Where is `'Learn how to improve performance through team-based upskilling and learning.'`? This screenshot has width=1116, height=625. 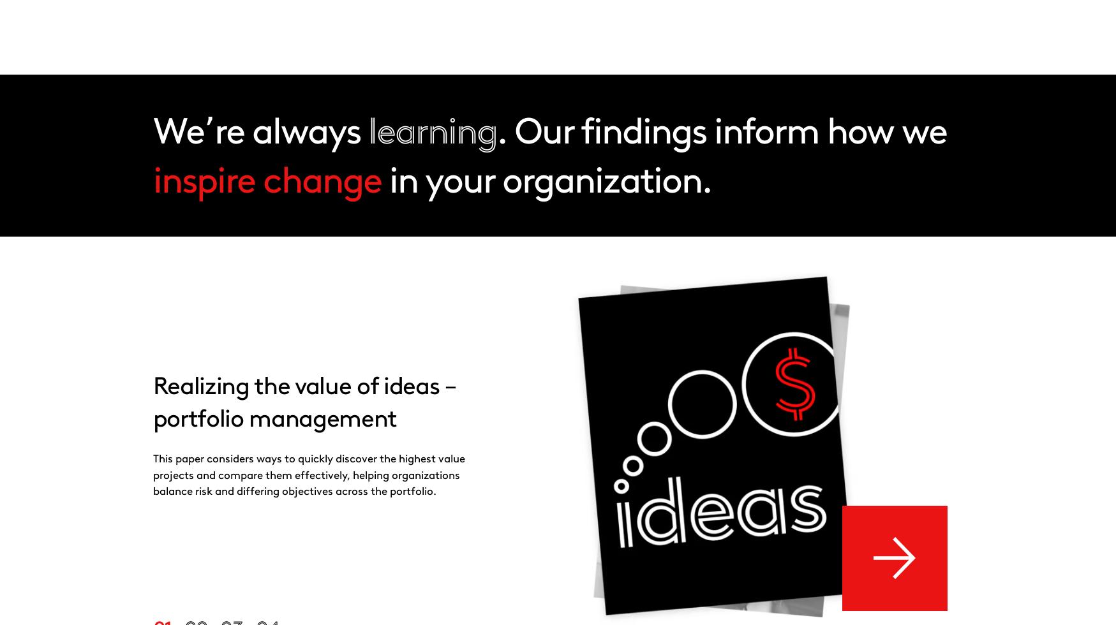 'Learn how to improve performance through team-based upskilling and learning.' is located at coordinates (861, 119).